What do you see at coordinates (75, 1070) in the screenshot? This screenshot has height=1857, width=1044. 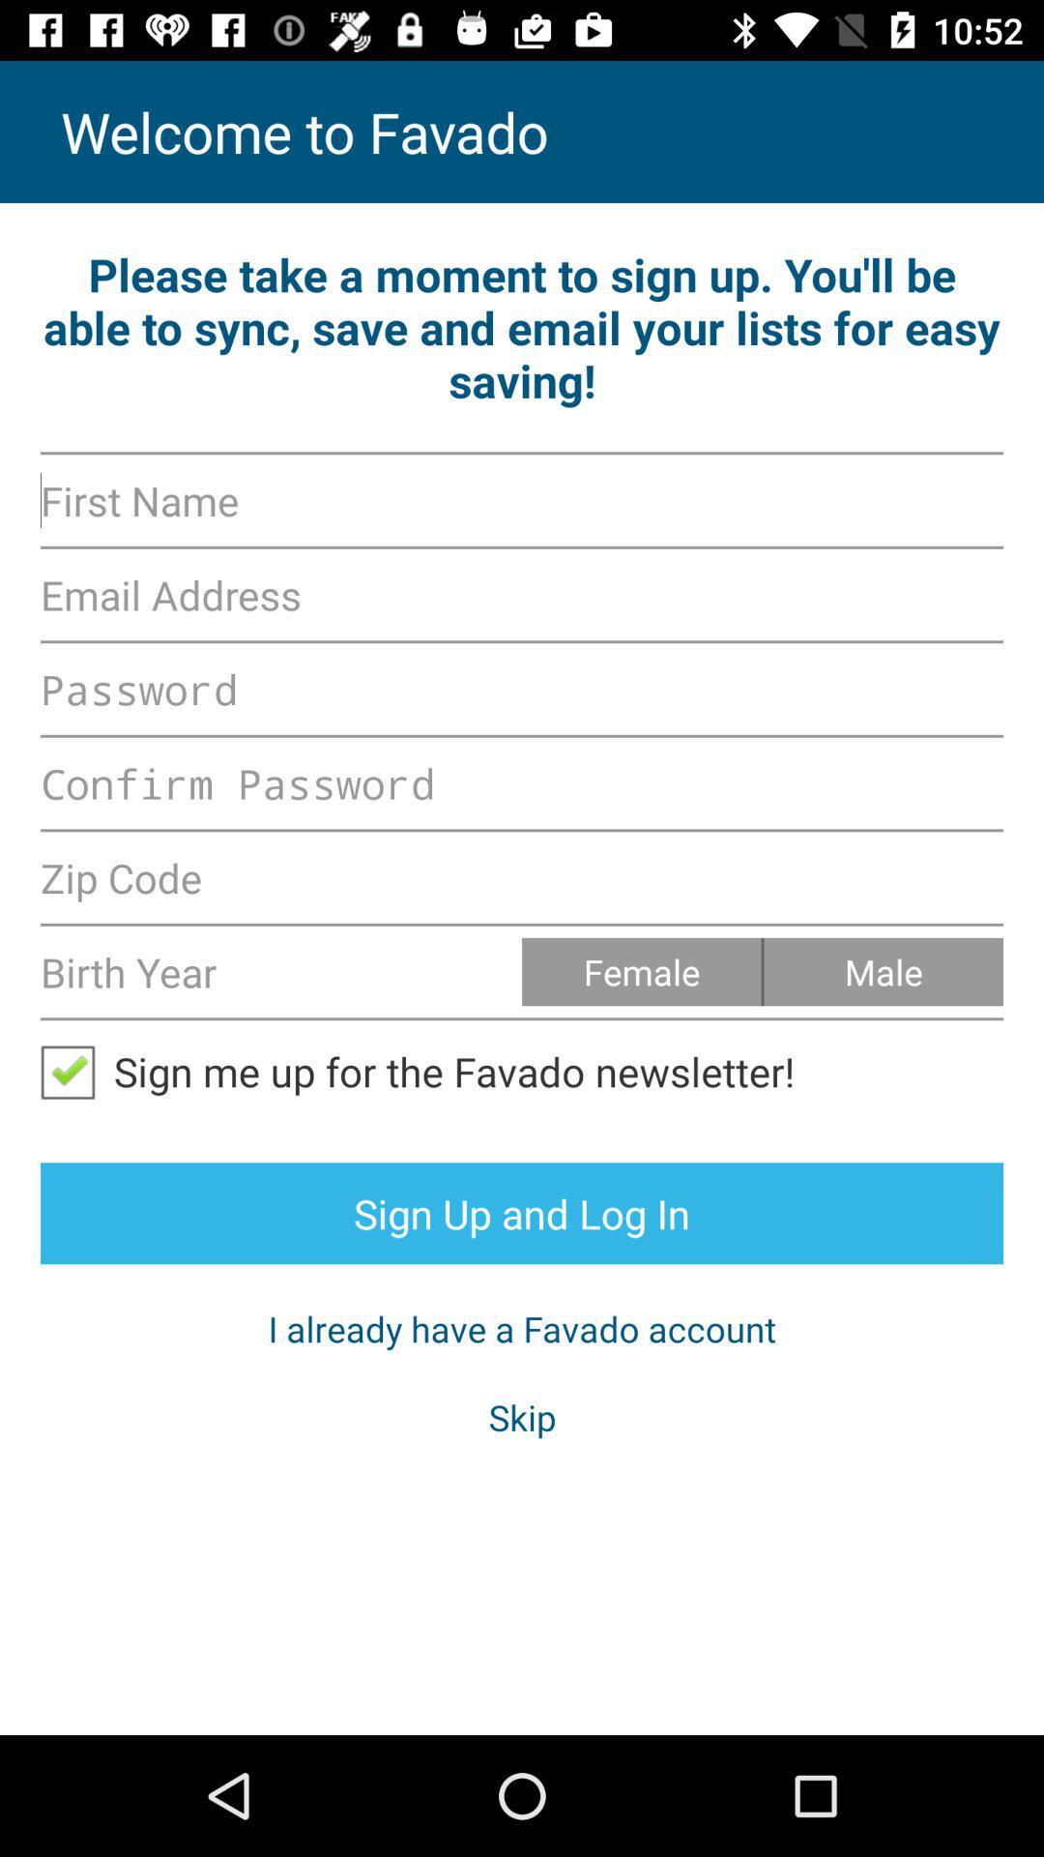 I see `or check the information` at bounding box center [75, 1070].